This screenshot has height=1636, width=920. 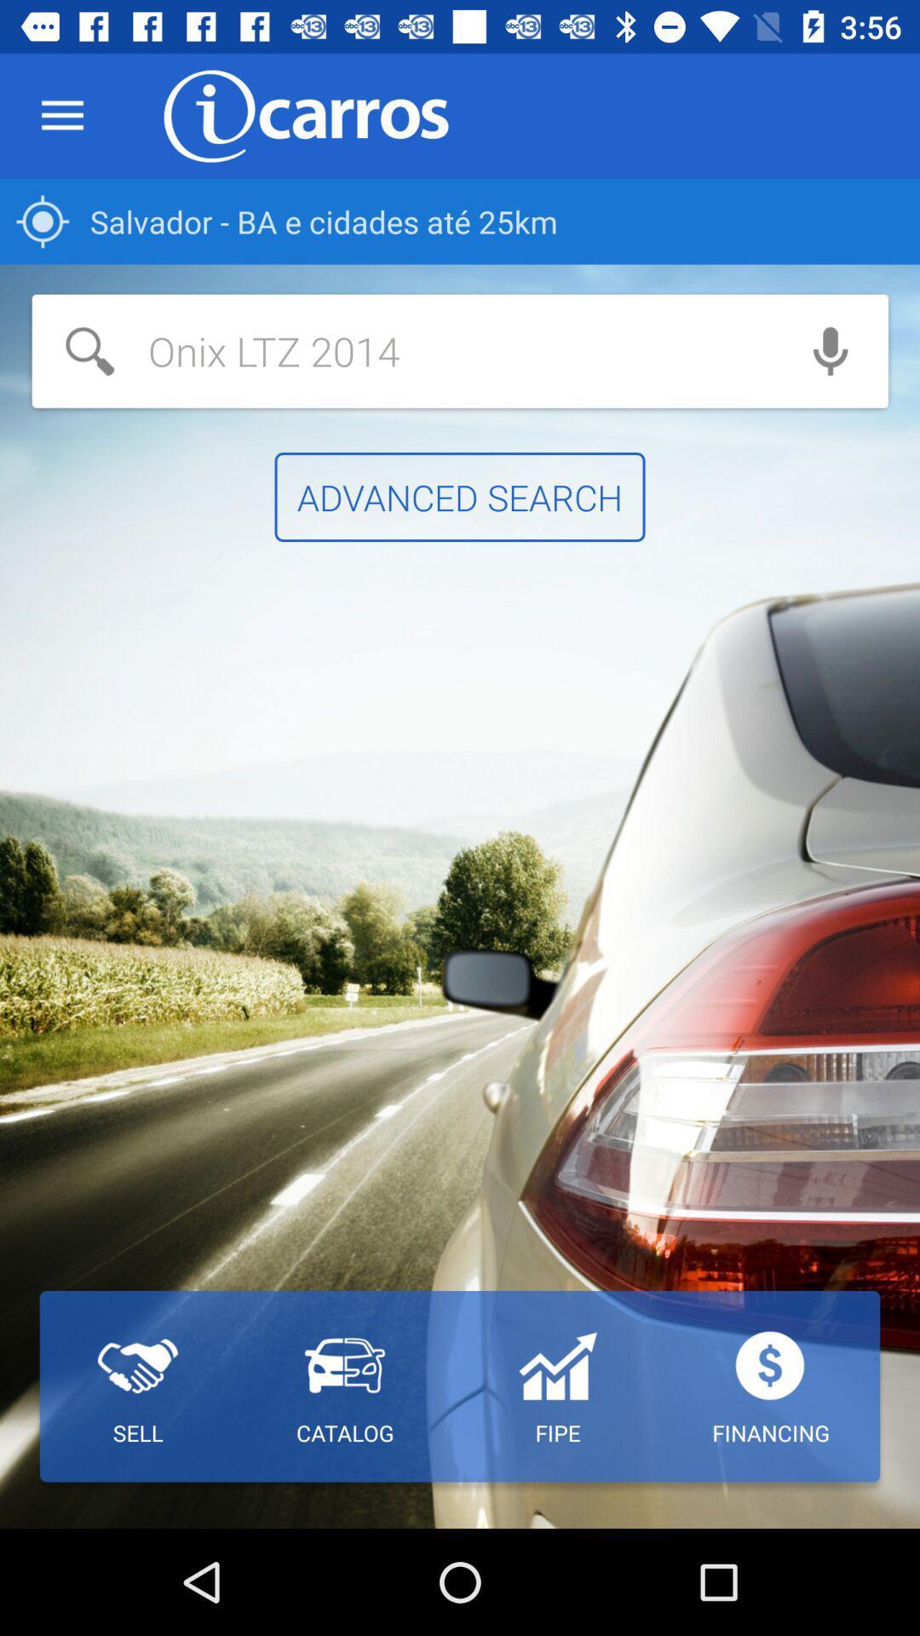 What do you see at coordinates (830, 350) in the screenshot?
I see `records one 's voice` at bounding box center [830, 350].